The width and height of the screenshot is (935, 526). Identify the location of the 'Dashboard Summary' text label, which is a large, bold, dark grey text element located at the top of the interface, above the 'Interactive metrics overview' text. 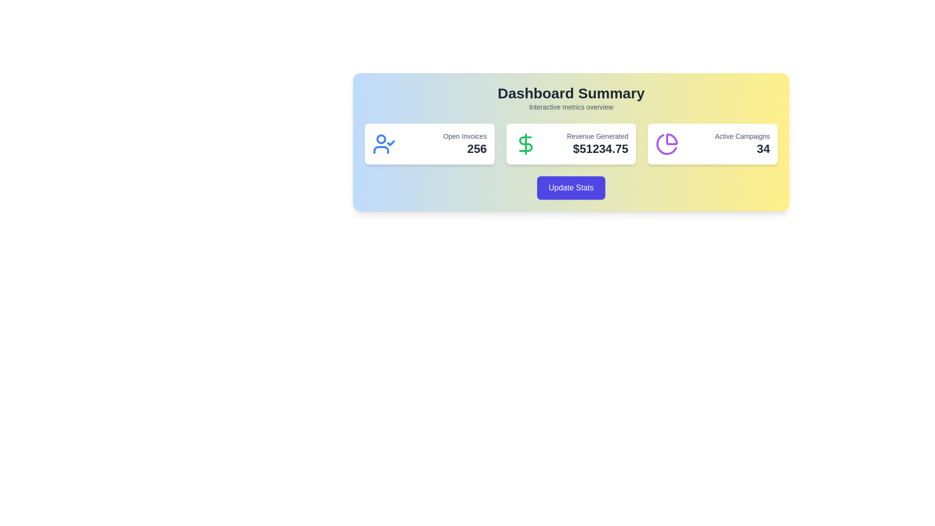
(571, 94).